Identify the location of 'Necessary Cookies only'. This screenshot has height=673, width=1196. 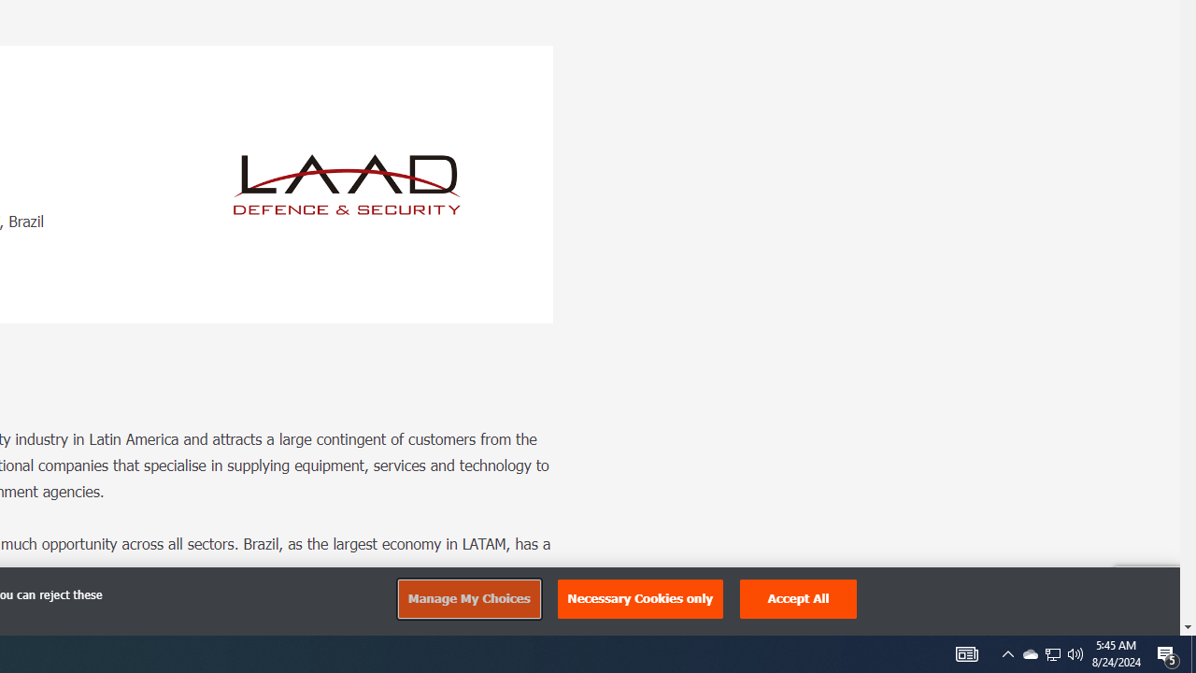
(640, 598).